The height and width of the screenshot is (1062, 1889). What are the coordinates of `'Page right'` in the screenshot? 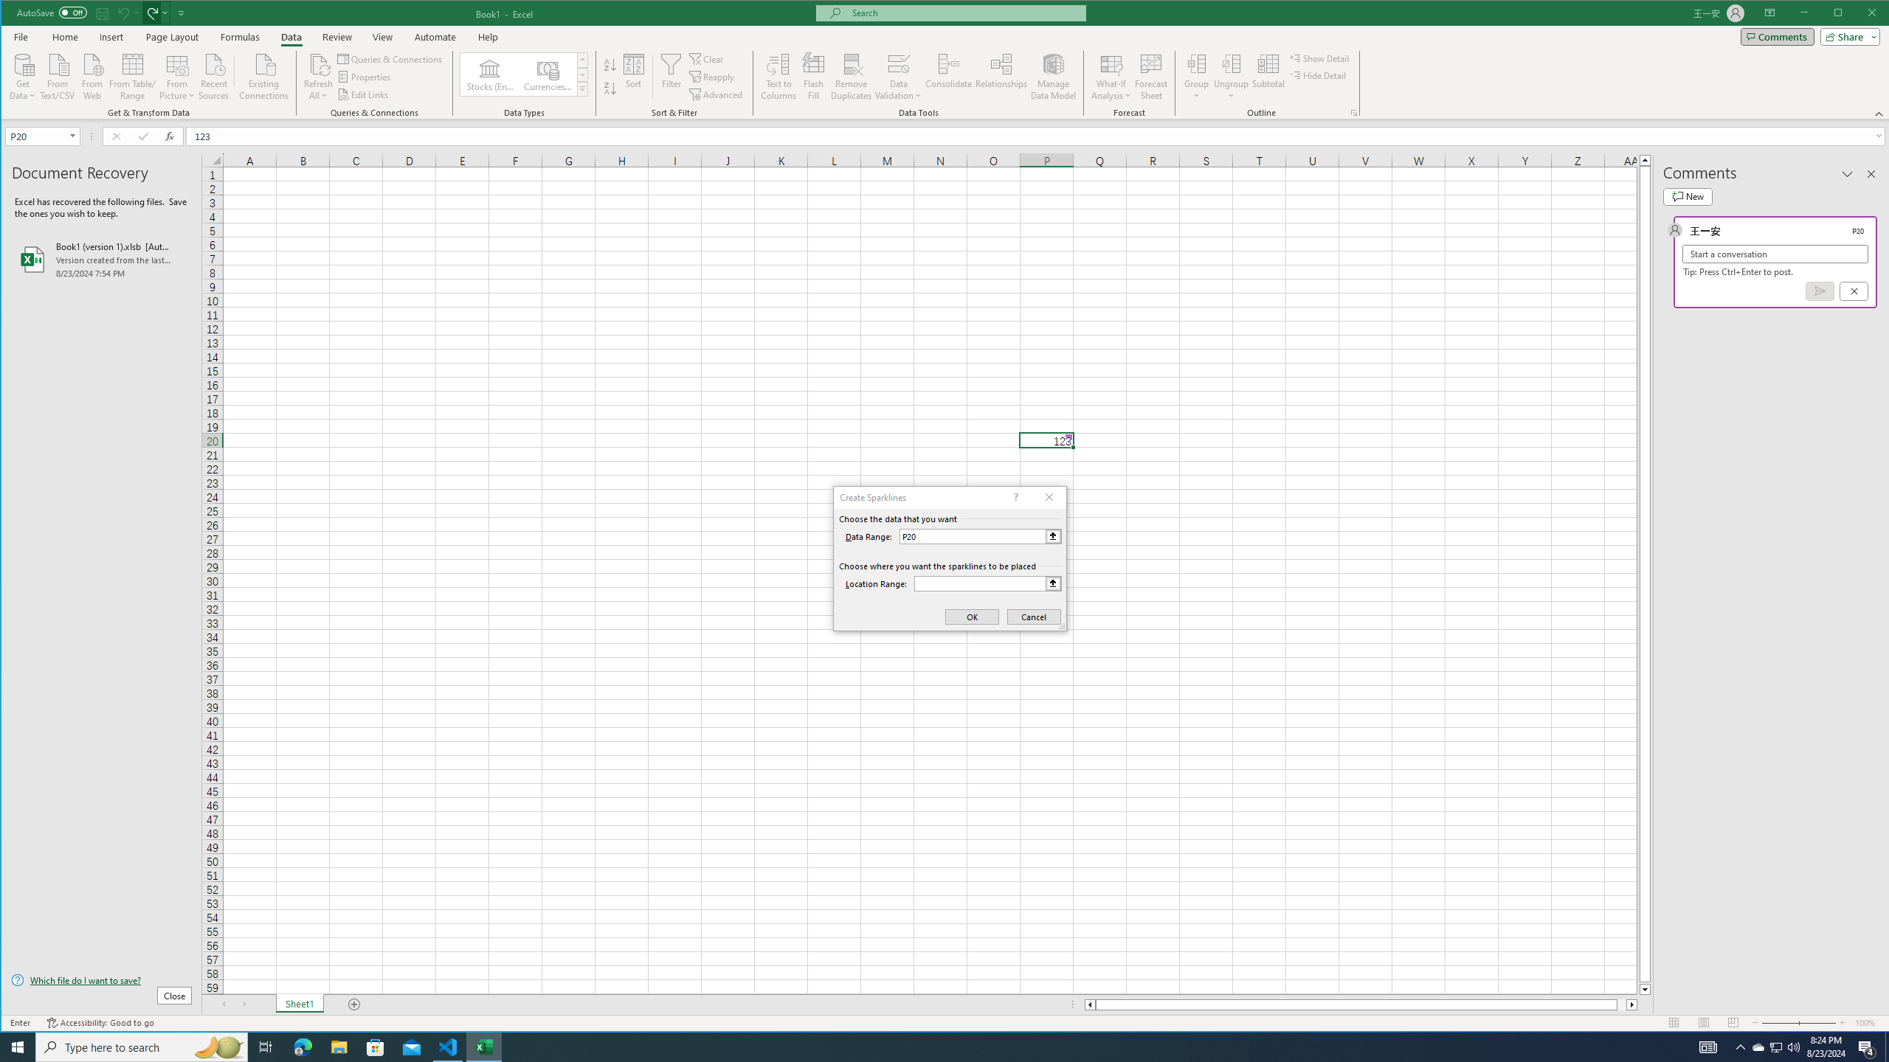 It's located at (1621, 1004).